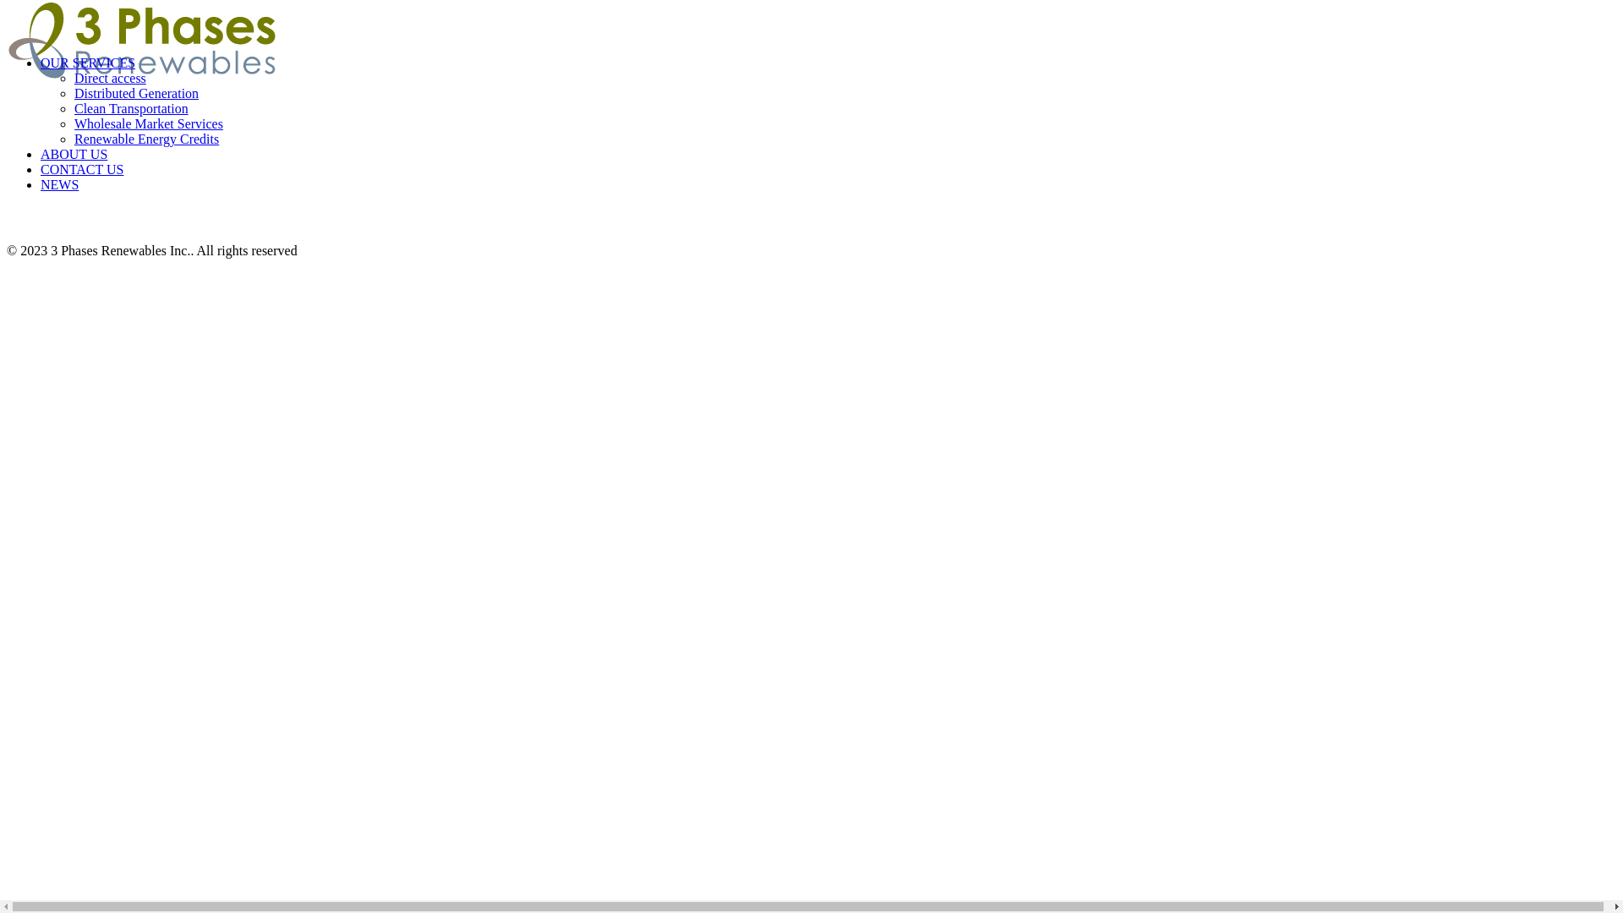  Describe the element at coordinates (773, 48) in the screenshot. I see `'IN THE NEWS'` at that location.